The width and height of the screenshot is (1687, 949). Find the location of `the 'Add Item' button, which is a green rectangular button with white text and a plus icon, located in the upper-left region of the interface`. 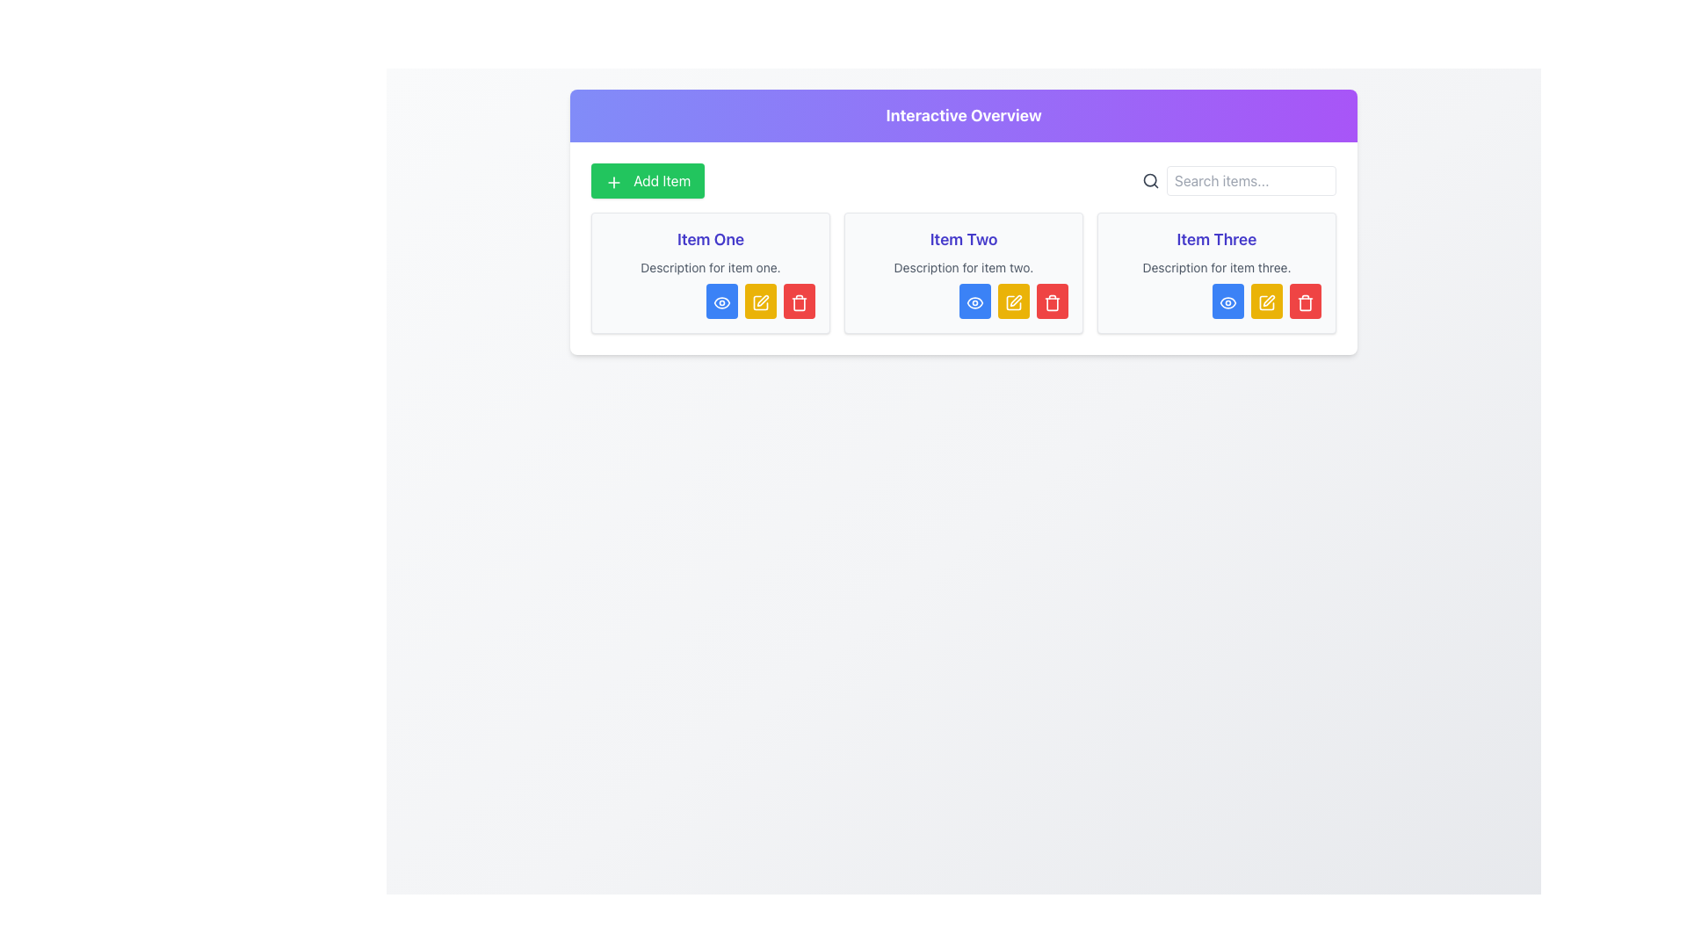

the 'Add Item' button, which is a green rectangular button with white text and a plus icon, located in the upper-left region of the interface is located at coordinates (647, 180).